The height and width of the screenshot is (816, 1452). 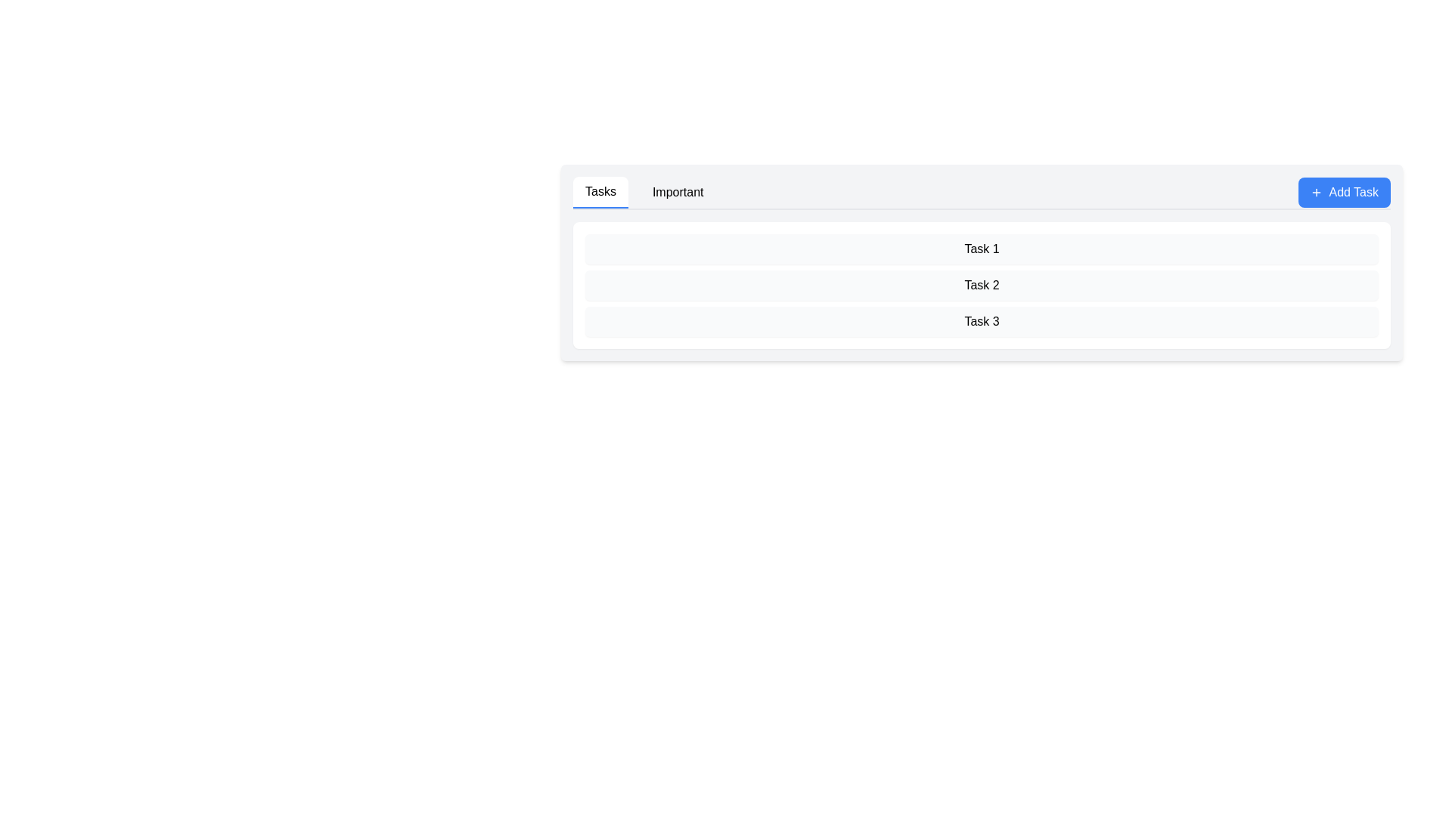 I want to click on the second tab in the horizontal list of tabs, which is positioned to the right of the 'Tasks' tab, so click(x=677, y=191).